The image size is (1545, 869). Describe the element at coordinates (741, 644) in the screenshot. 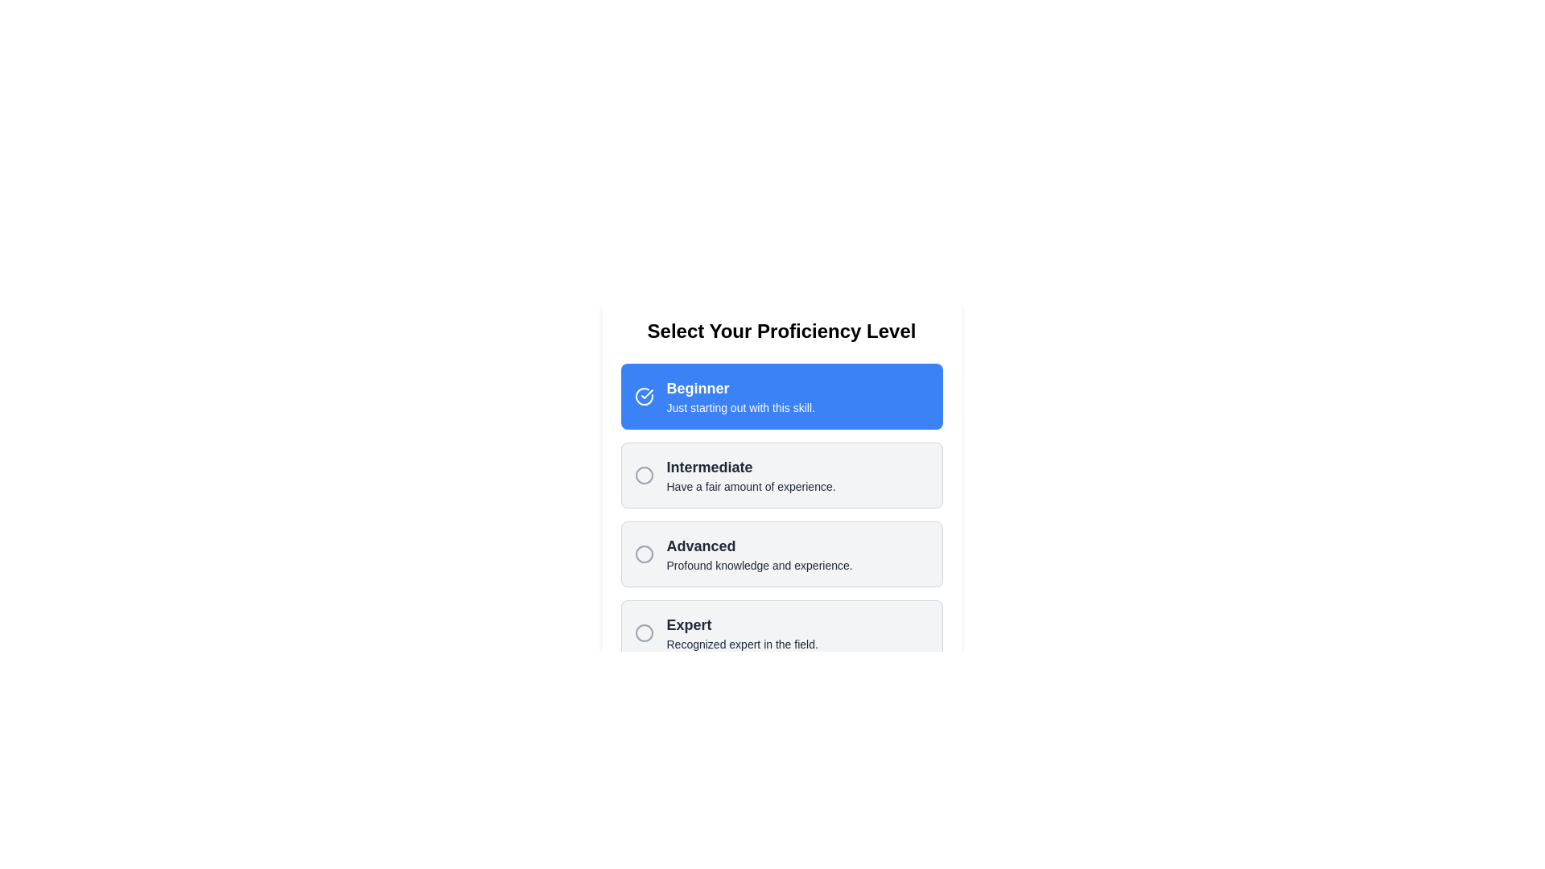

I see `the descriptive Text label located under the 'Expert' title in the proficiency level selection interface` at that location.